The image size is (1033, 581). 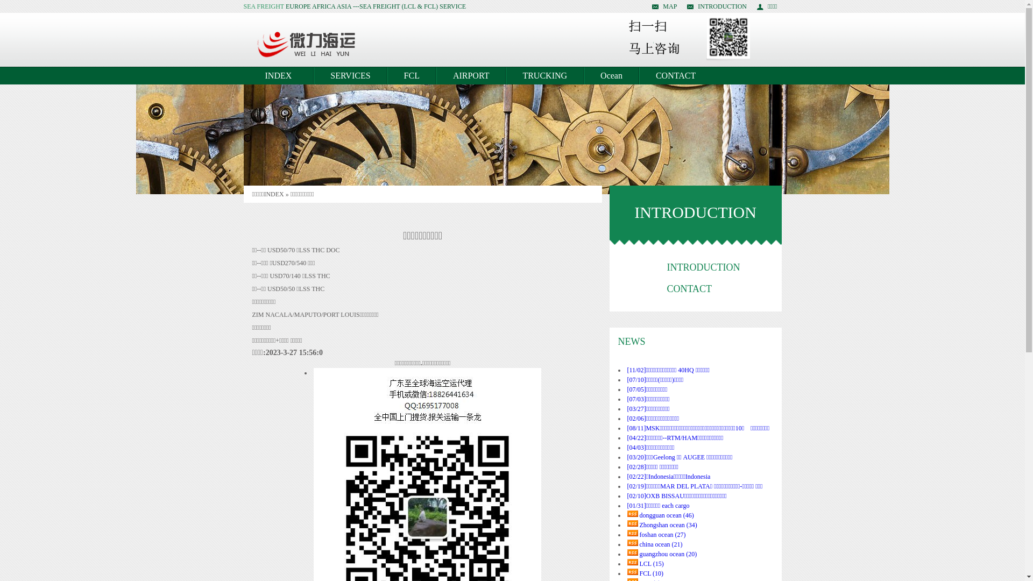 What do you see at coordinates (663, 6) in the screenshot?
I see `'MAP'` at bounding box center [663, 6].